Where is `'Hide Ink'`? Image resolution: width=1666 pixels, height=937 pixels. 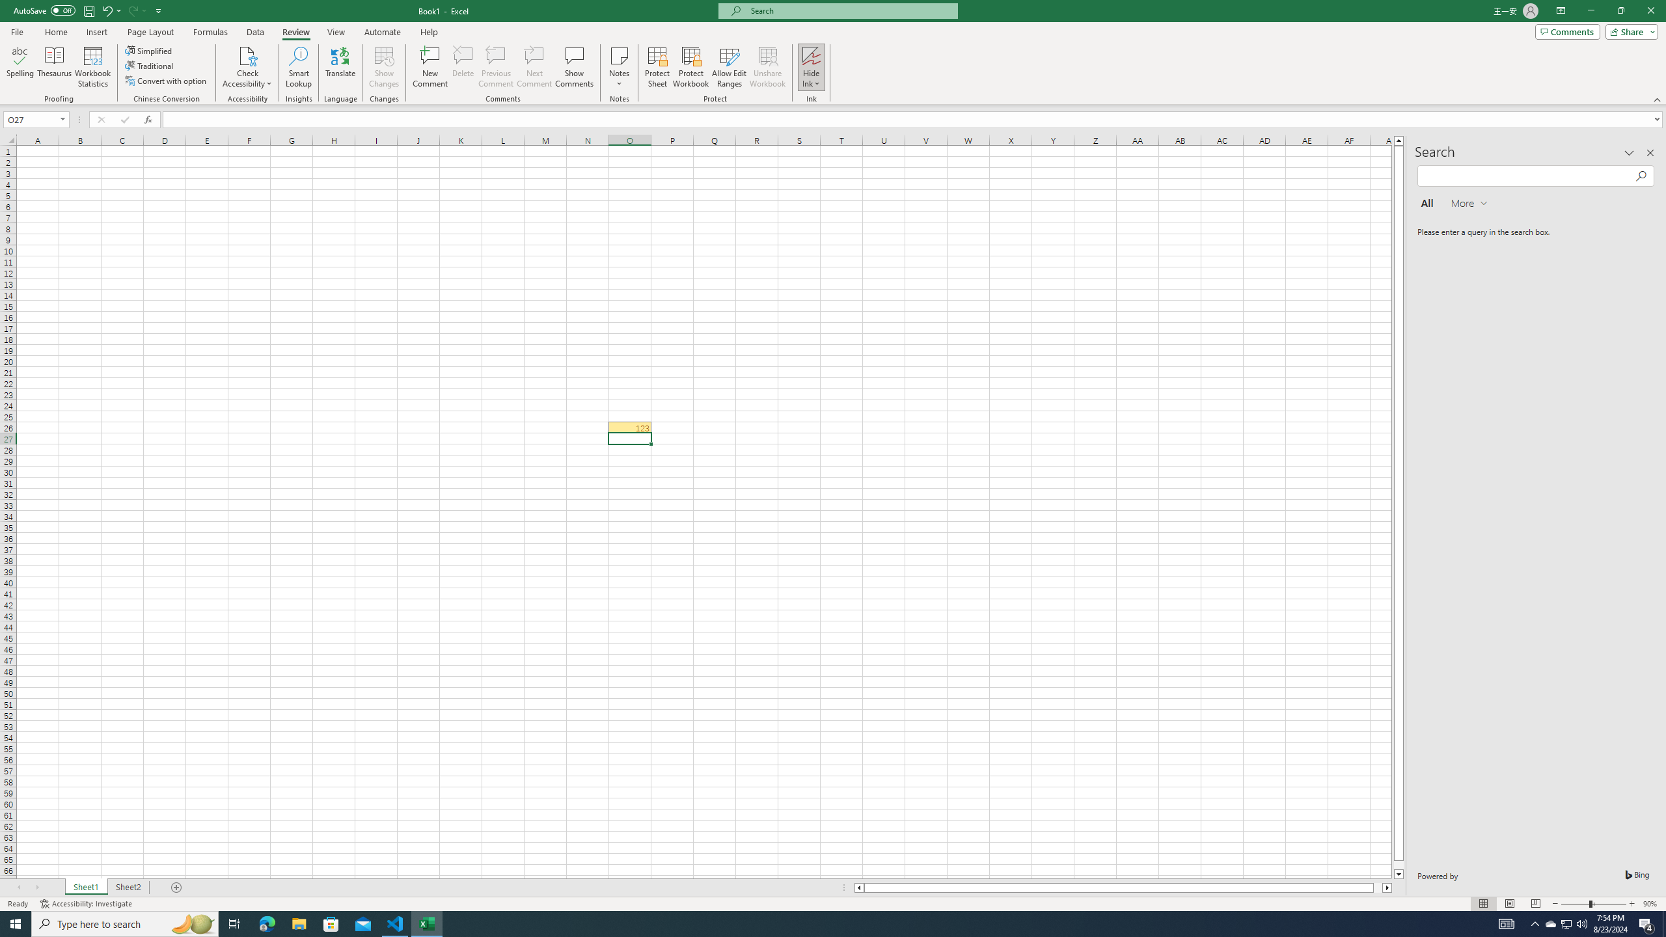 'Hide Ink' is located at coordinates (811, 67).